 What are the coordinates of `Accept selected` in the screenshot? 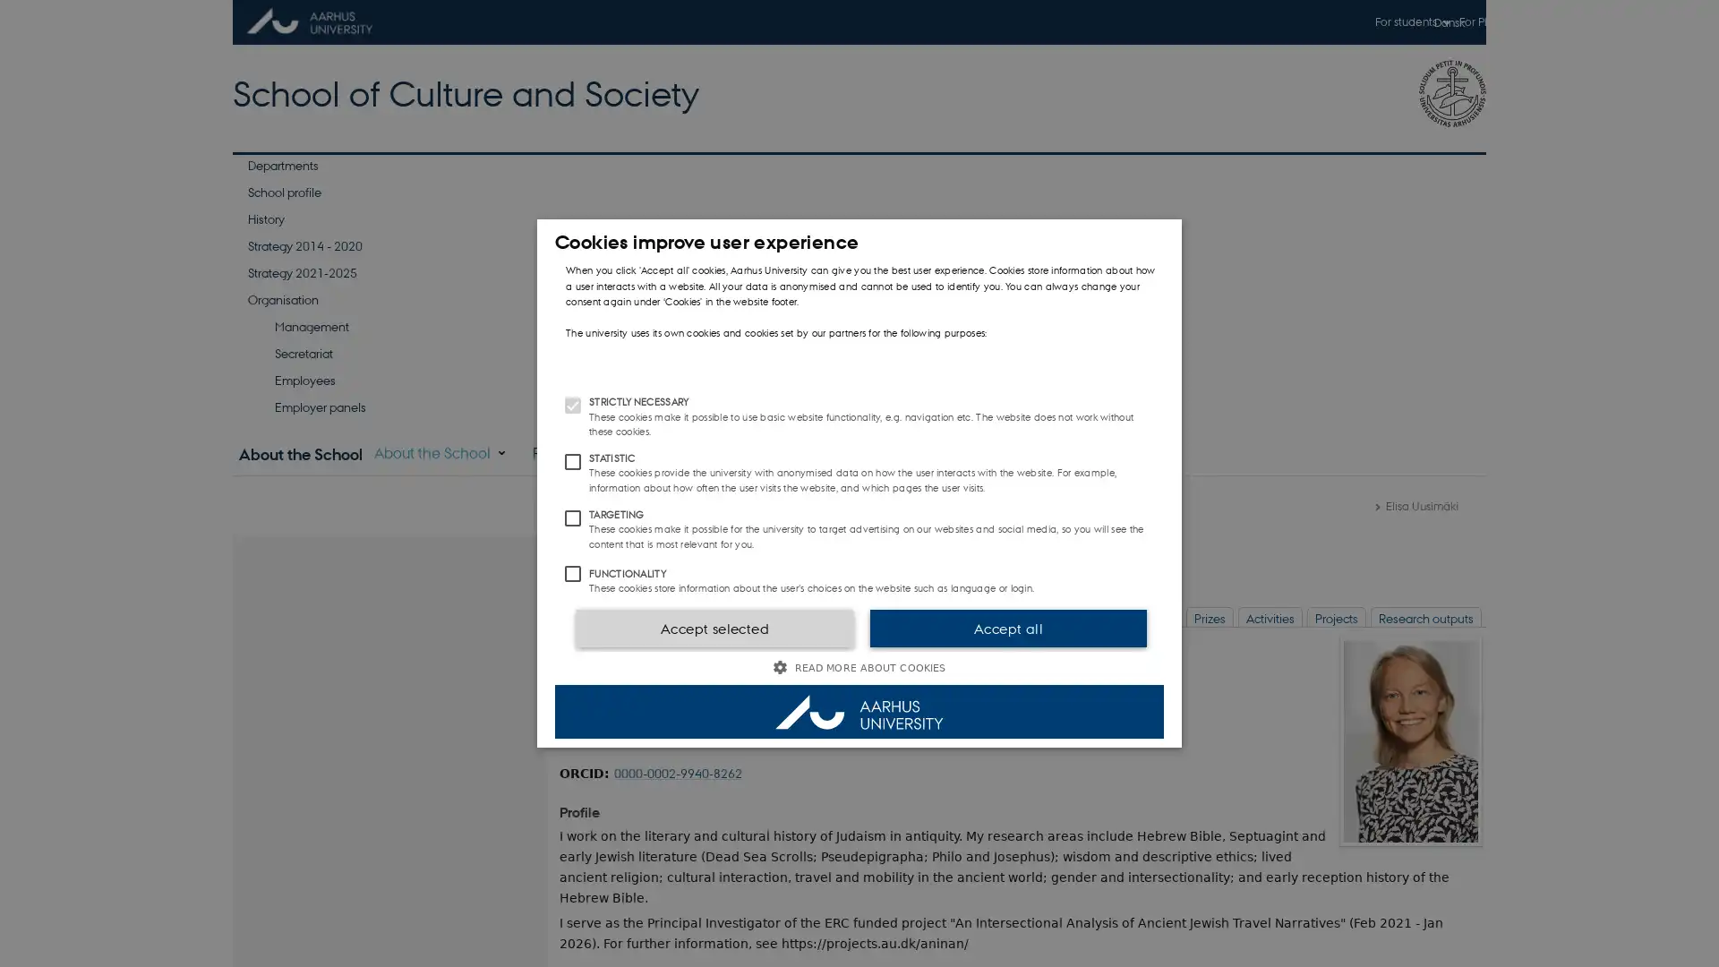 It's located at (713, 628).